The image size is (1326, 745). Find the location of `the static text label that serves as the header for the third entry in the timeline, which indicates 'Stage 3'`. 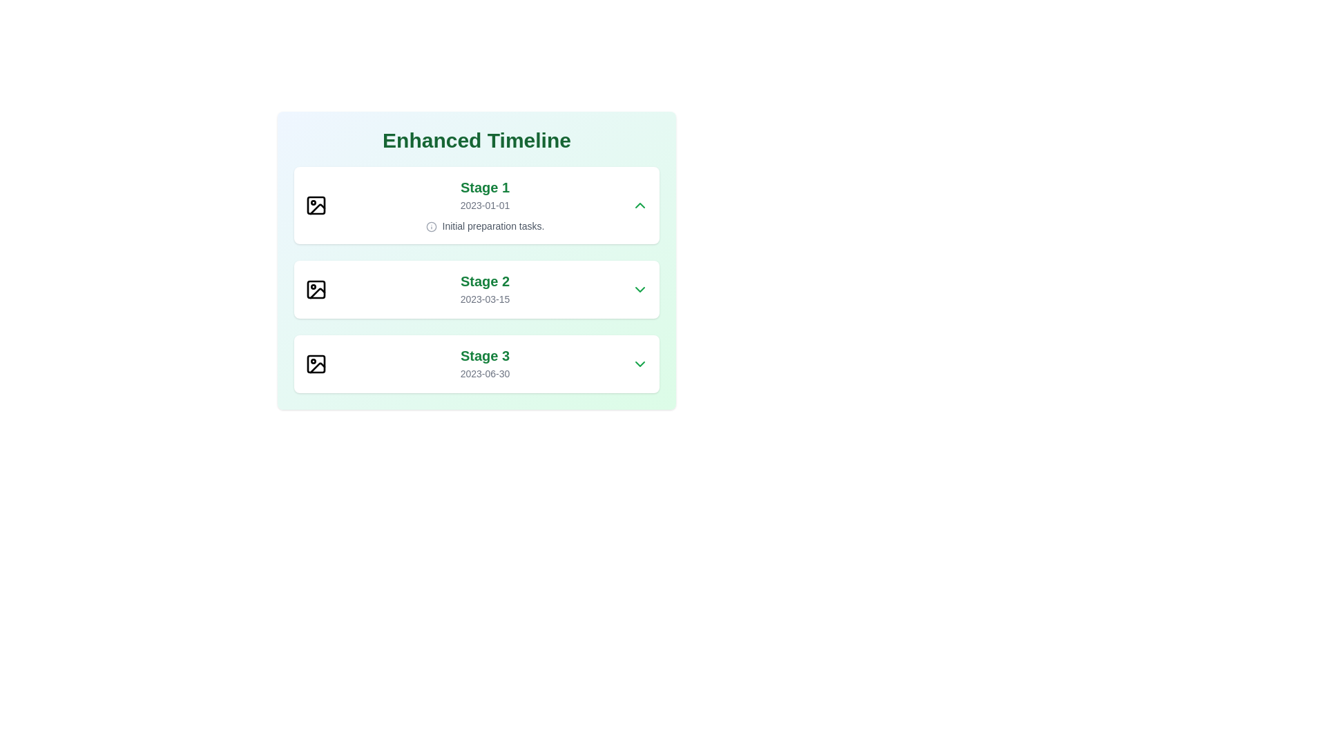

the static text label that serves as the header for the third entry in the timeline, which indicates 'Stage 3' is located at coordinates (485, 355).